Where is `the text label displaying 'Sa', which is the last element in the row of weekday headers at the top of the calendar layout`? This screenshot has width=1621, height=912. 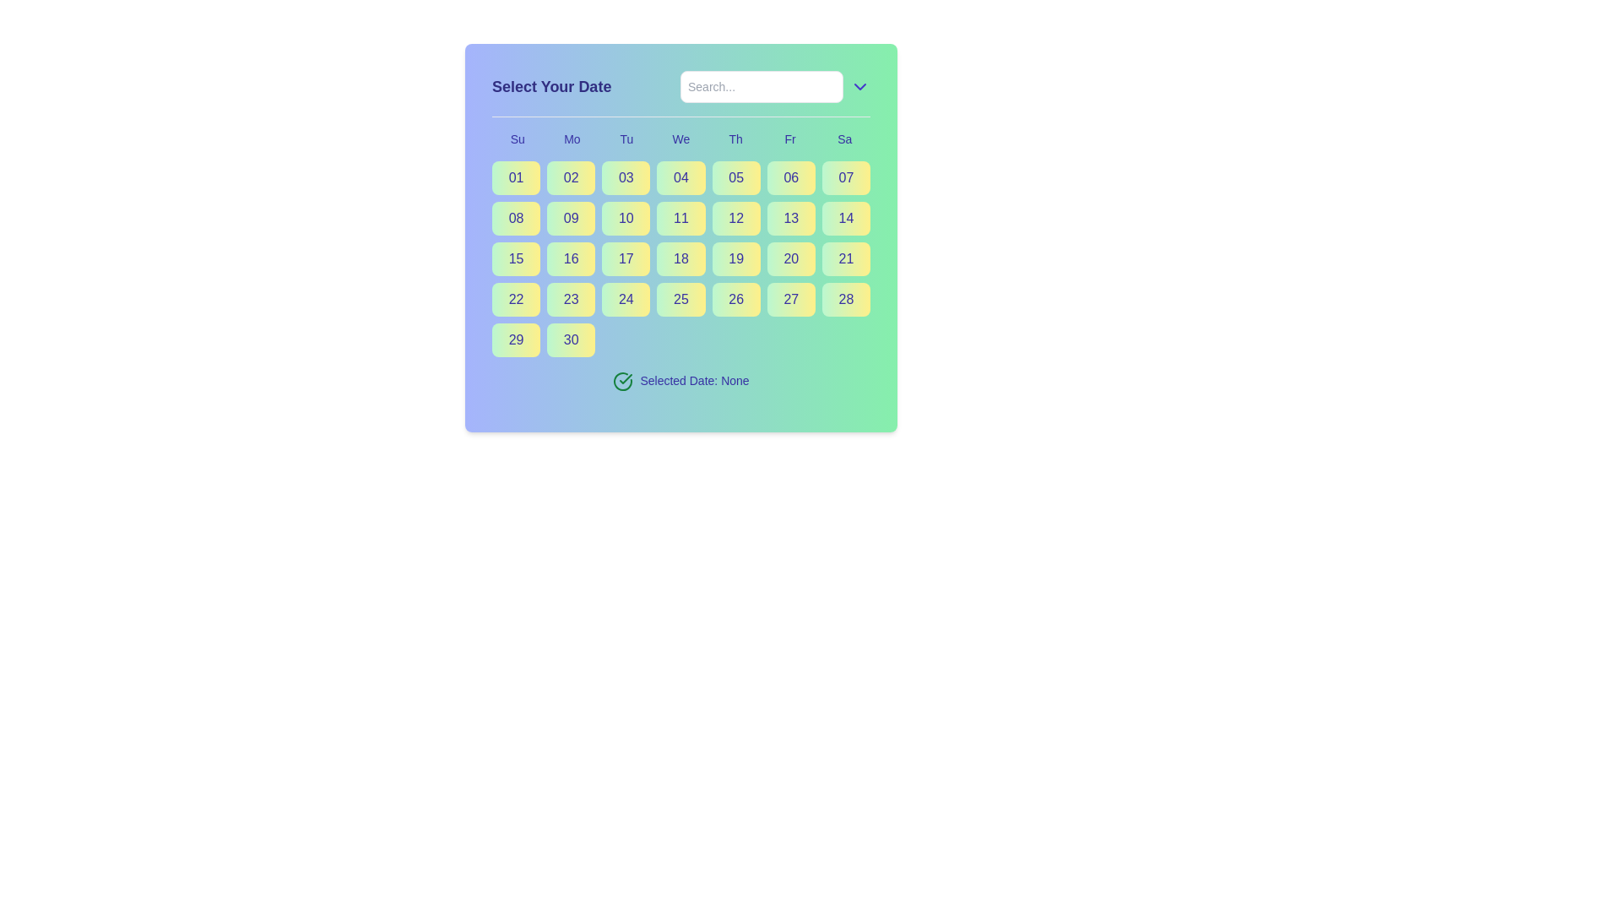
the text label displaying 'Sa', which is the last element in the row of weekday headers at the top of the calendar layout is located at coordinates (844, 138).